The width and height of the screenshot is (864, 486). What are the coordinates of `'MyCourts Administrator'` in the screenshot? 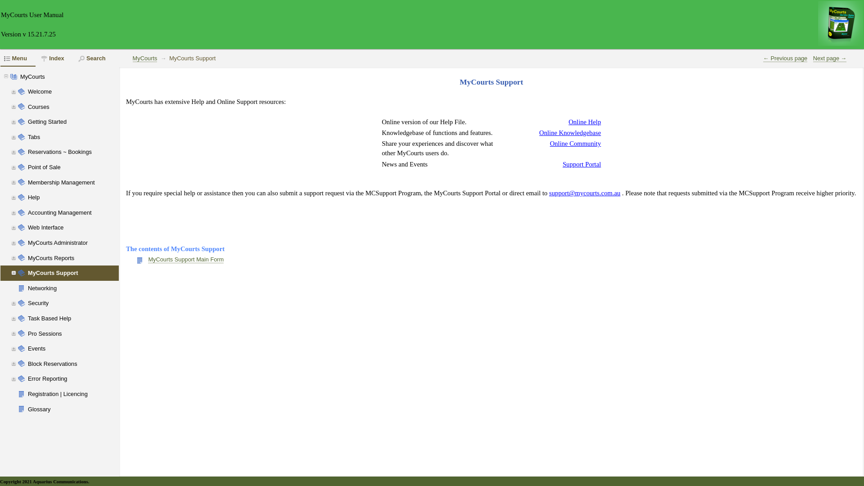 It's located at (85, 243).